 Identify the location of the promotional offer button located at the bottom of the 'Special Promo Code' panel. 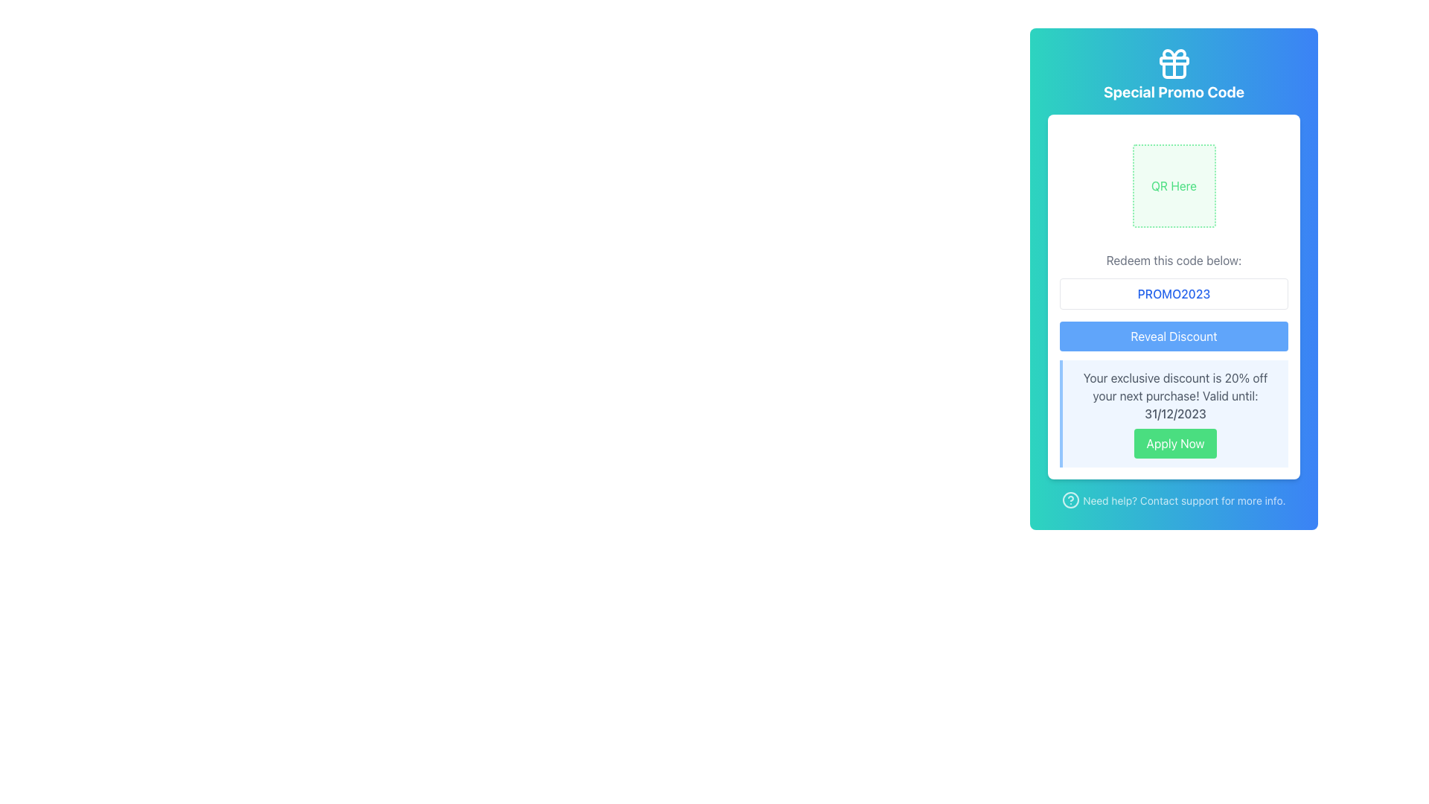
(1174, 443).